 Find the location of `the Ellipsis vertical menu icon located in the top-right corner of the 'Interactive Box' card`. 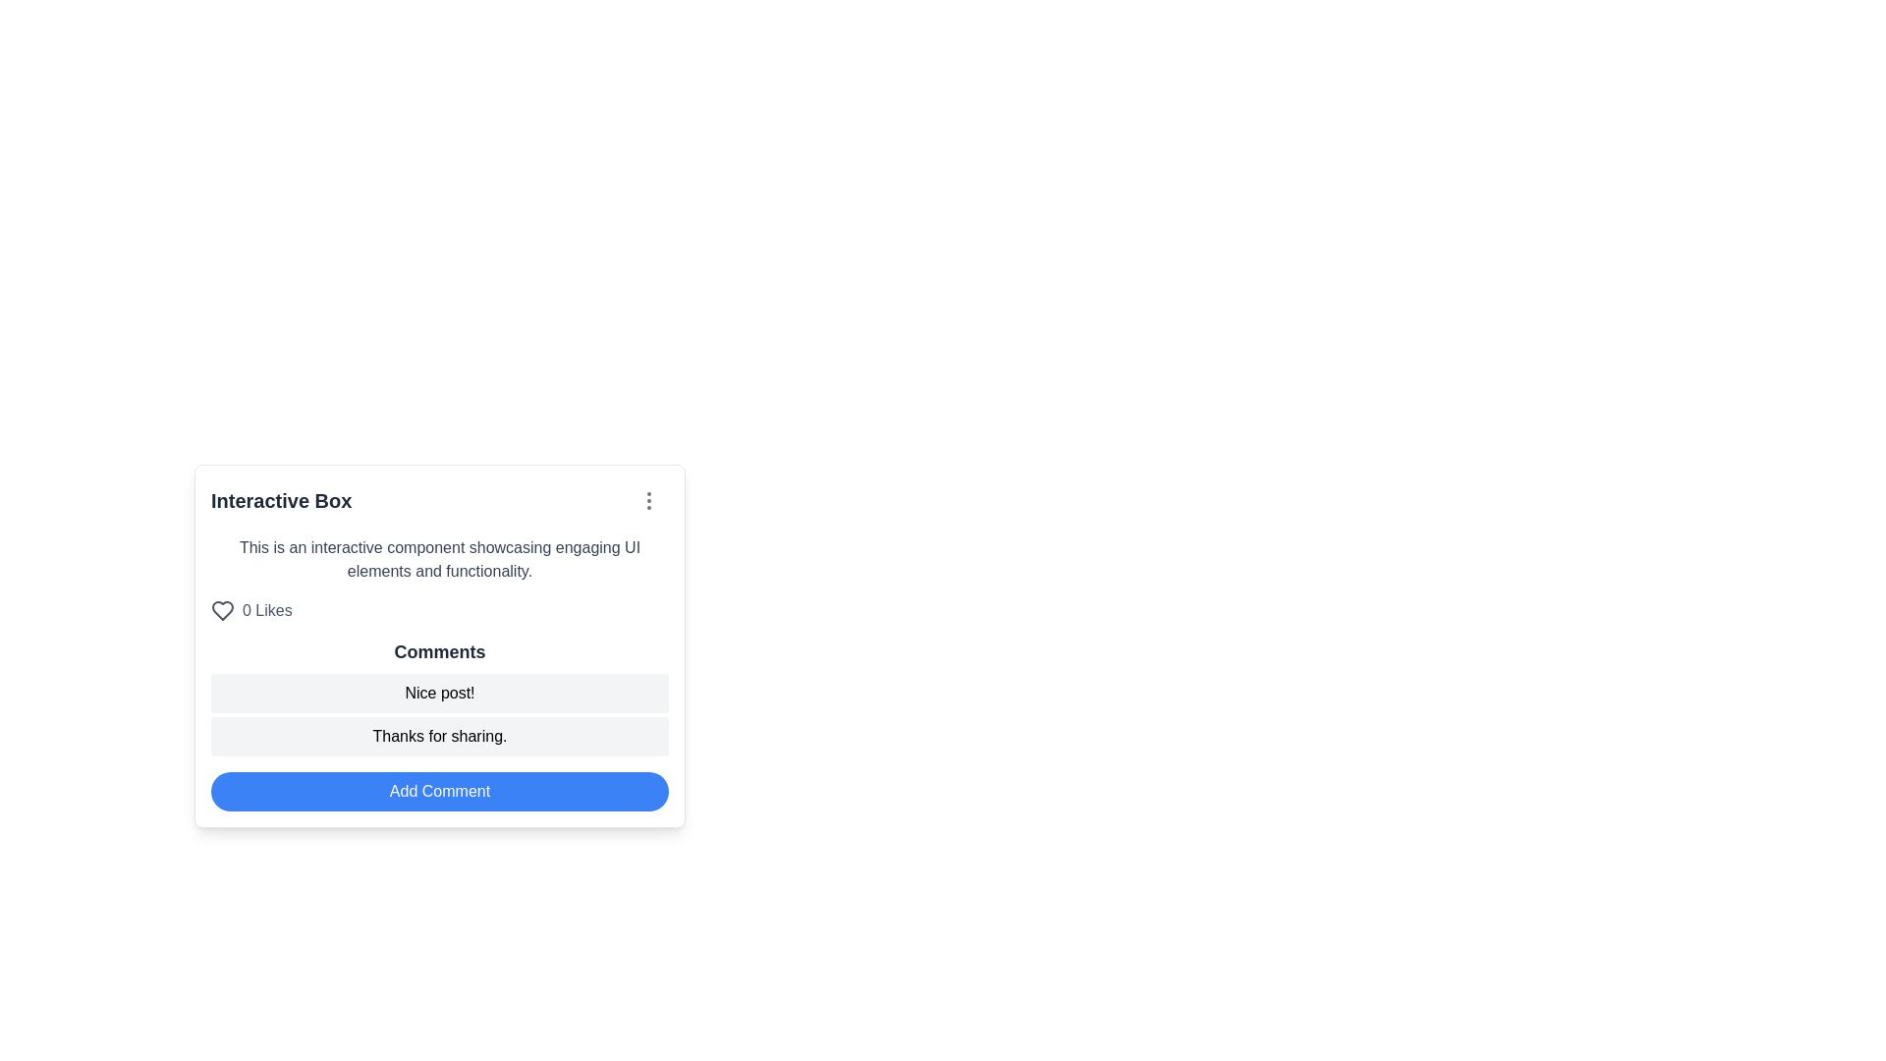

the Ellipsis vertical menu icon located in the top-right corner of the 'Interactive Box' card is located at coordinates (649, 499).